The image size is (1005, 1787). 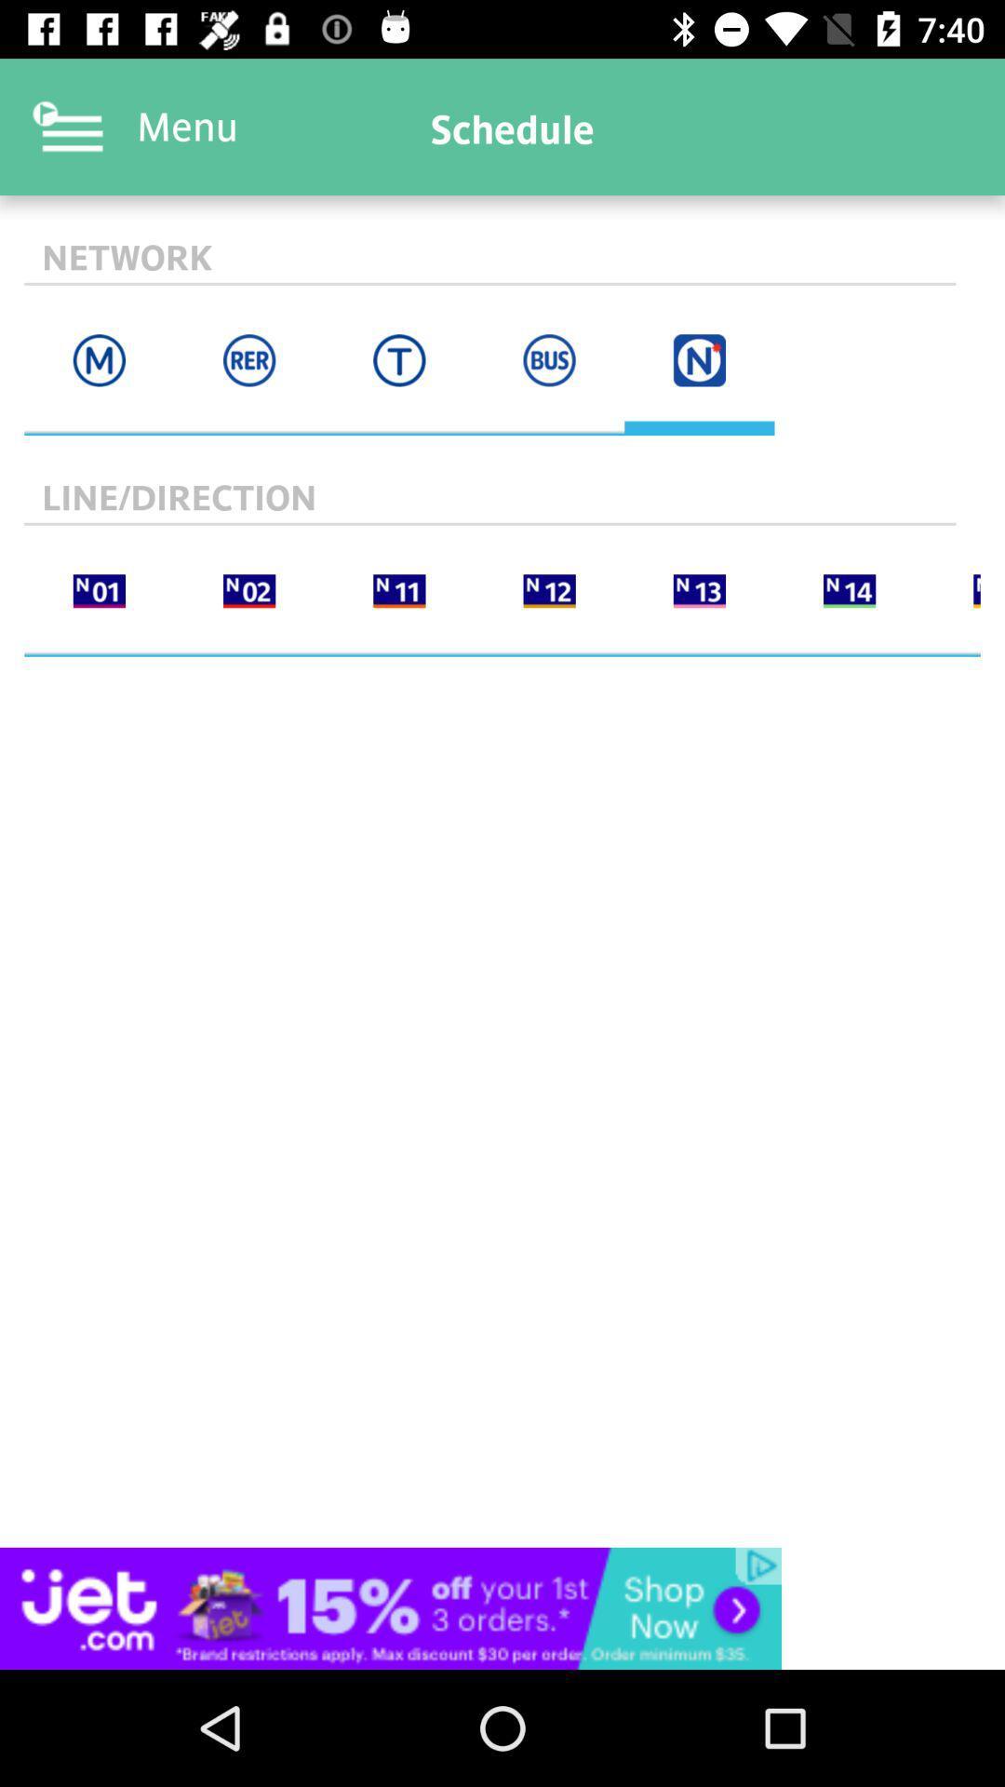 I want to click on advertisement box, so click(x=502, y=1607).